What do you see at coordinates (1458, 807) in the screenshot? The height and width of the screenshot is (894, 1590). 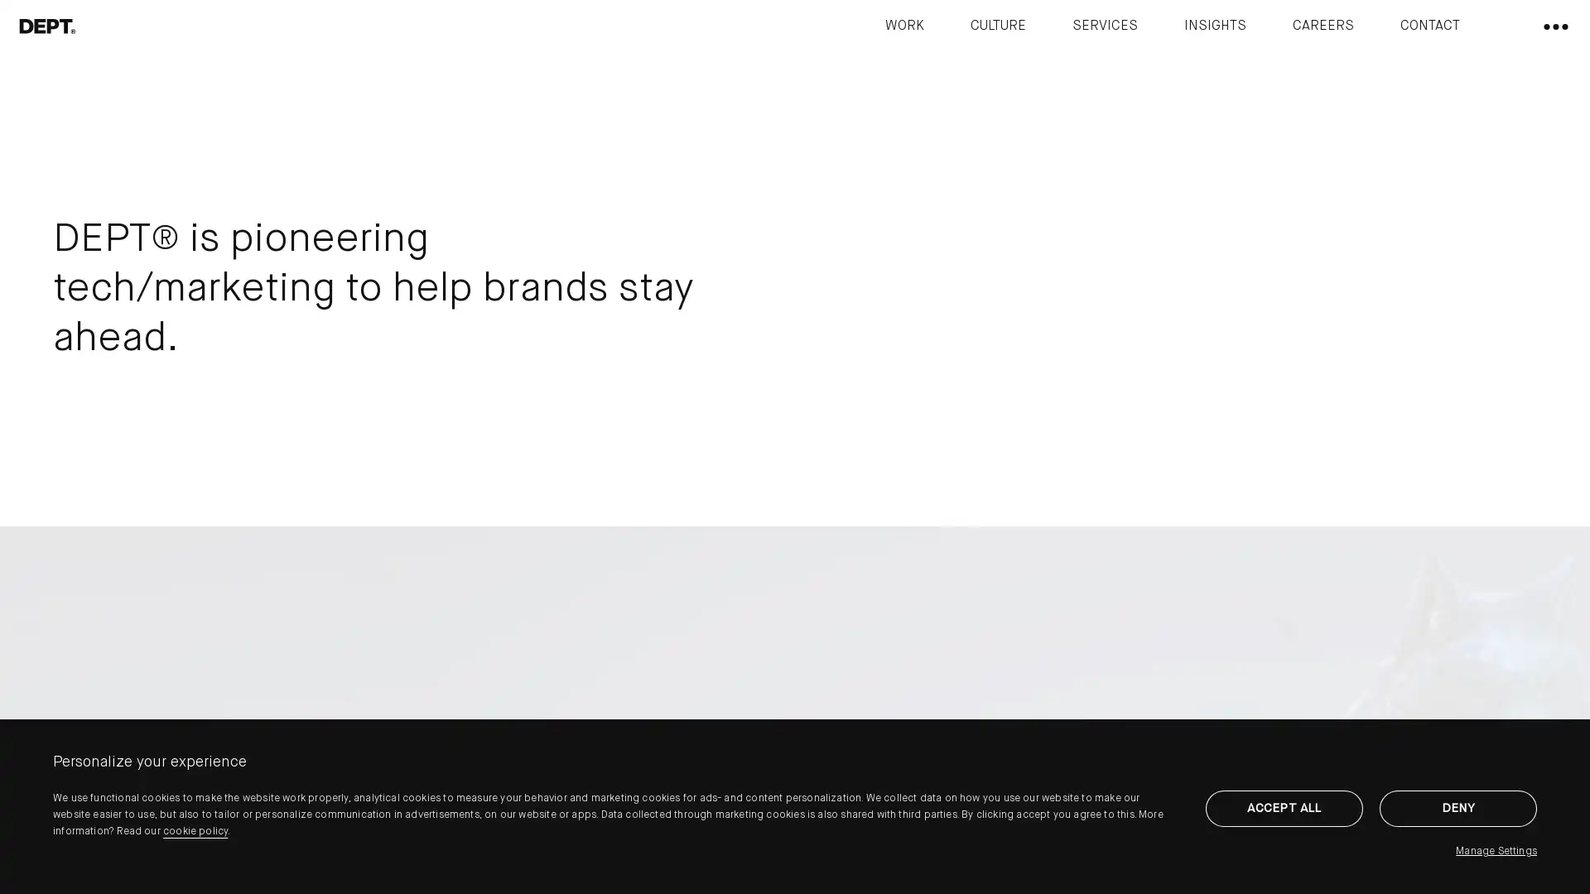 I see `DENY` at bounding box center [1458, 807].